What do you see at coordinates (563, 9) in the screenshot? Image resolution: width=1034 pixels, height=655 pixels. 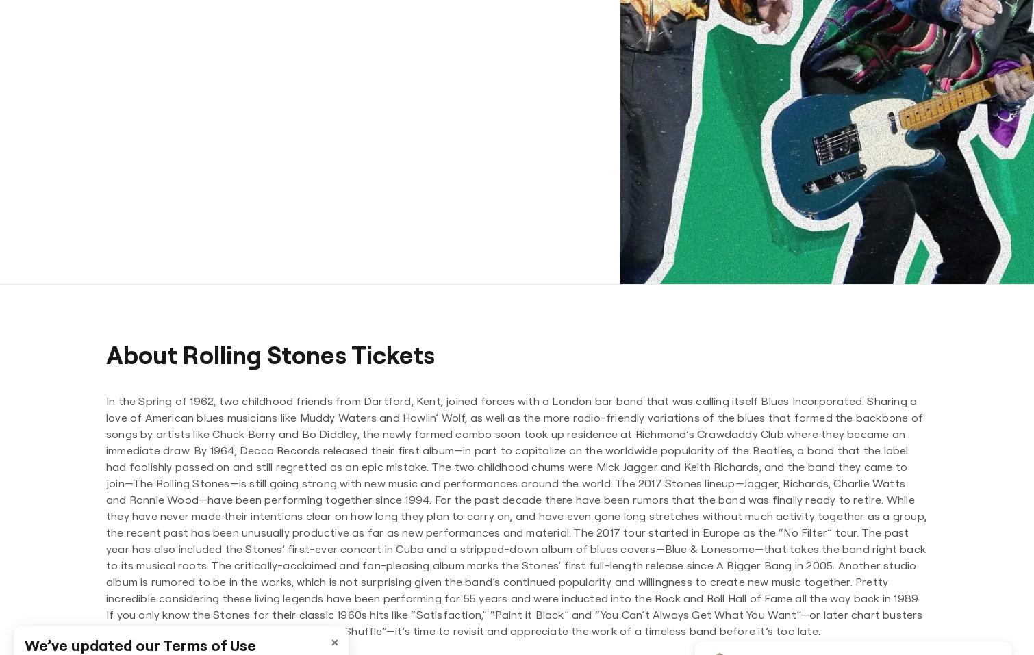 I see `'Philadelphia Phillies'` at bounding box center [563, 9].